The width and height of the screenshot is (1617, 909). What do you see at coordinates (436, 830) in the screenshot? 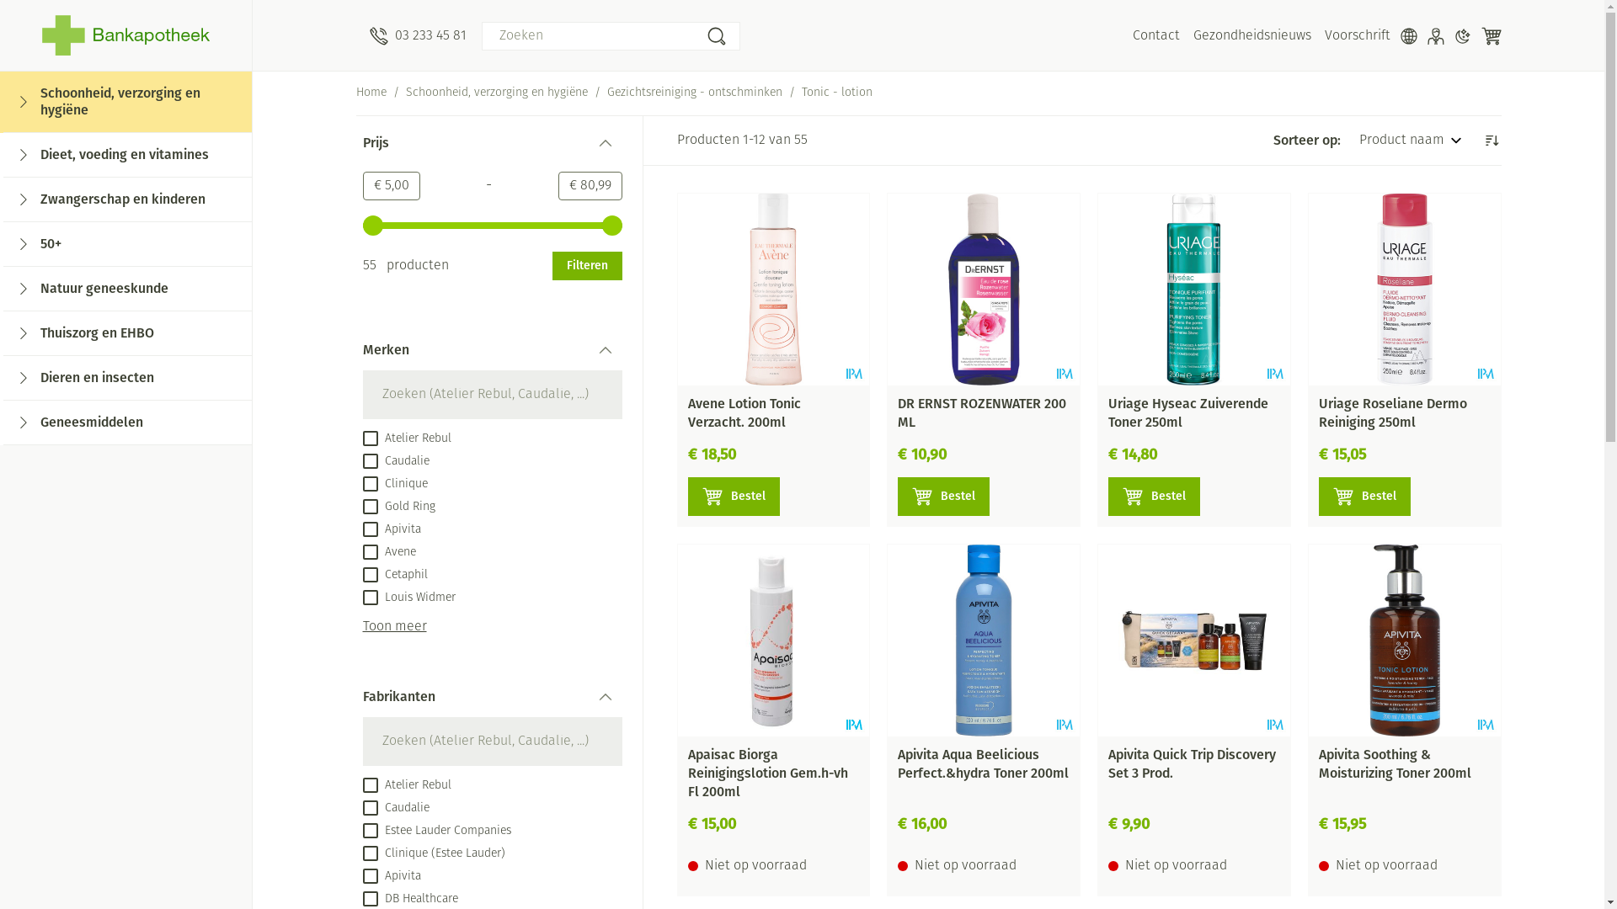
I see `'Estee Lauder Companies'` at bounding box center [436, 830].